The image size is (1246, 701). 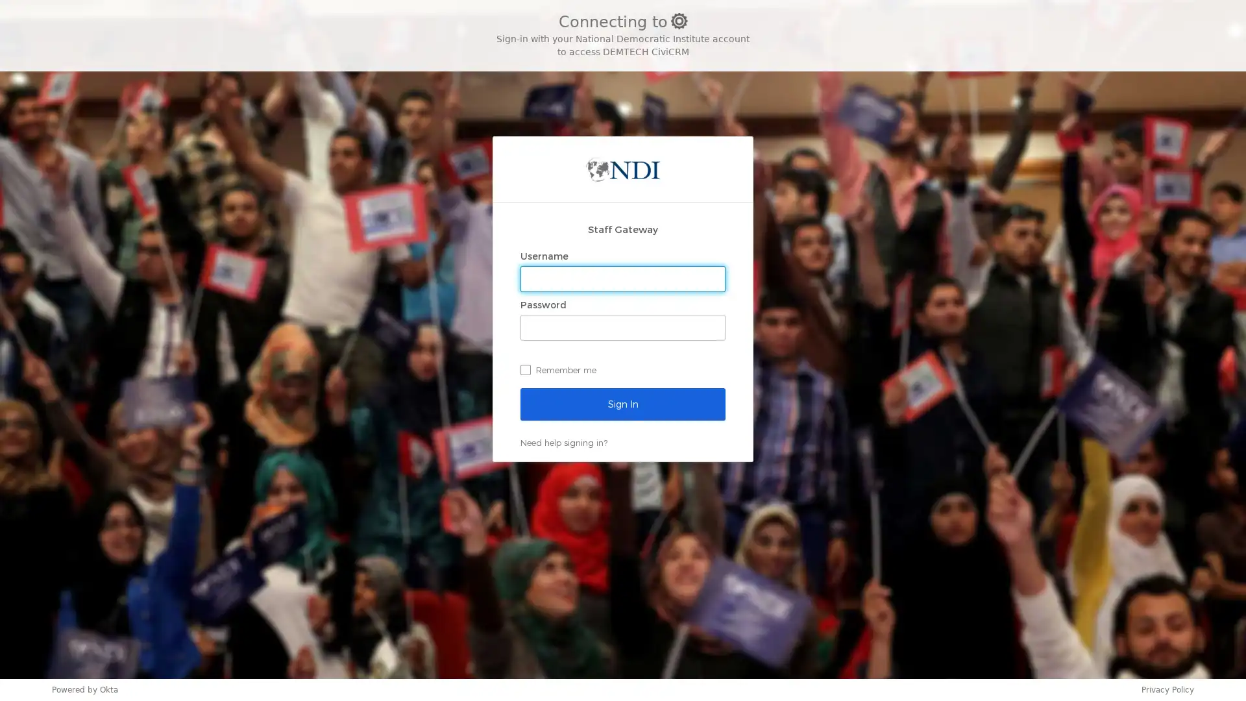 What do you see at coordinates (623, 402) in the screenshot?
I see `Sign In` at bounding box center [623, 402].